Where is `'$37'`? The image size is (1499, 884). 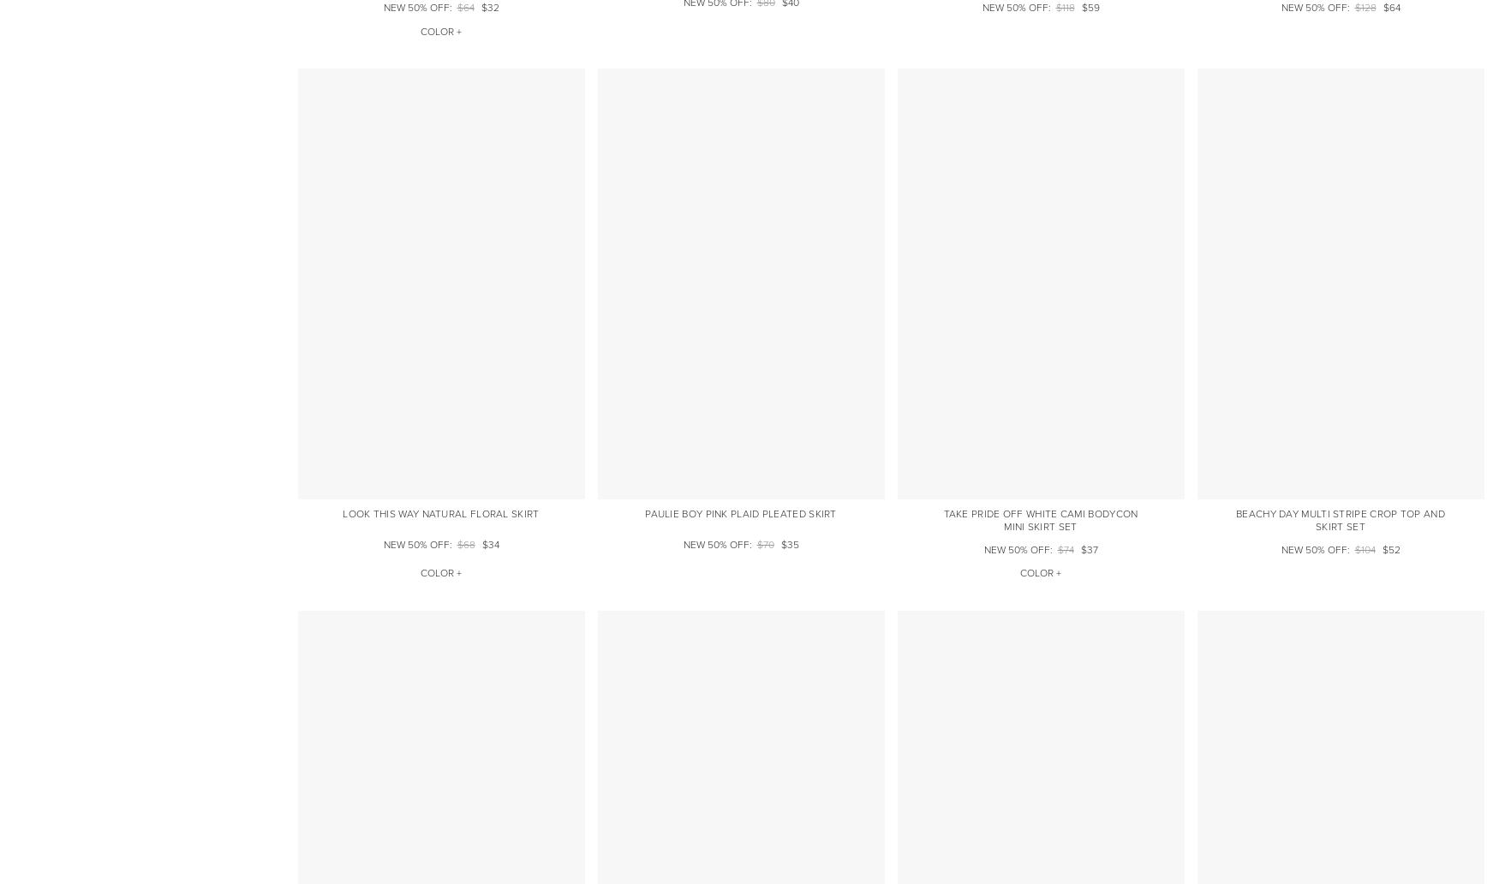
'$37' is located at coordinates (1088, 549).